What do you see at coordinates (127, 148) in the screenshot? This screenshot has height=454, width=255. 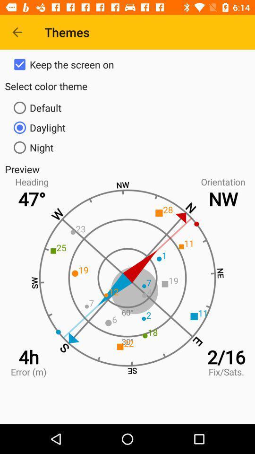 I see `icon above preview icon` at bounding box center [127, 148].